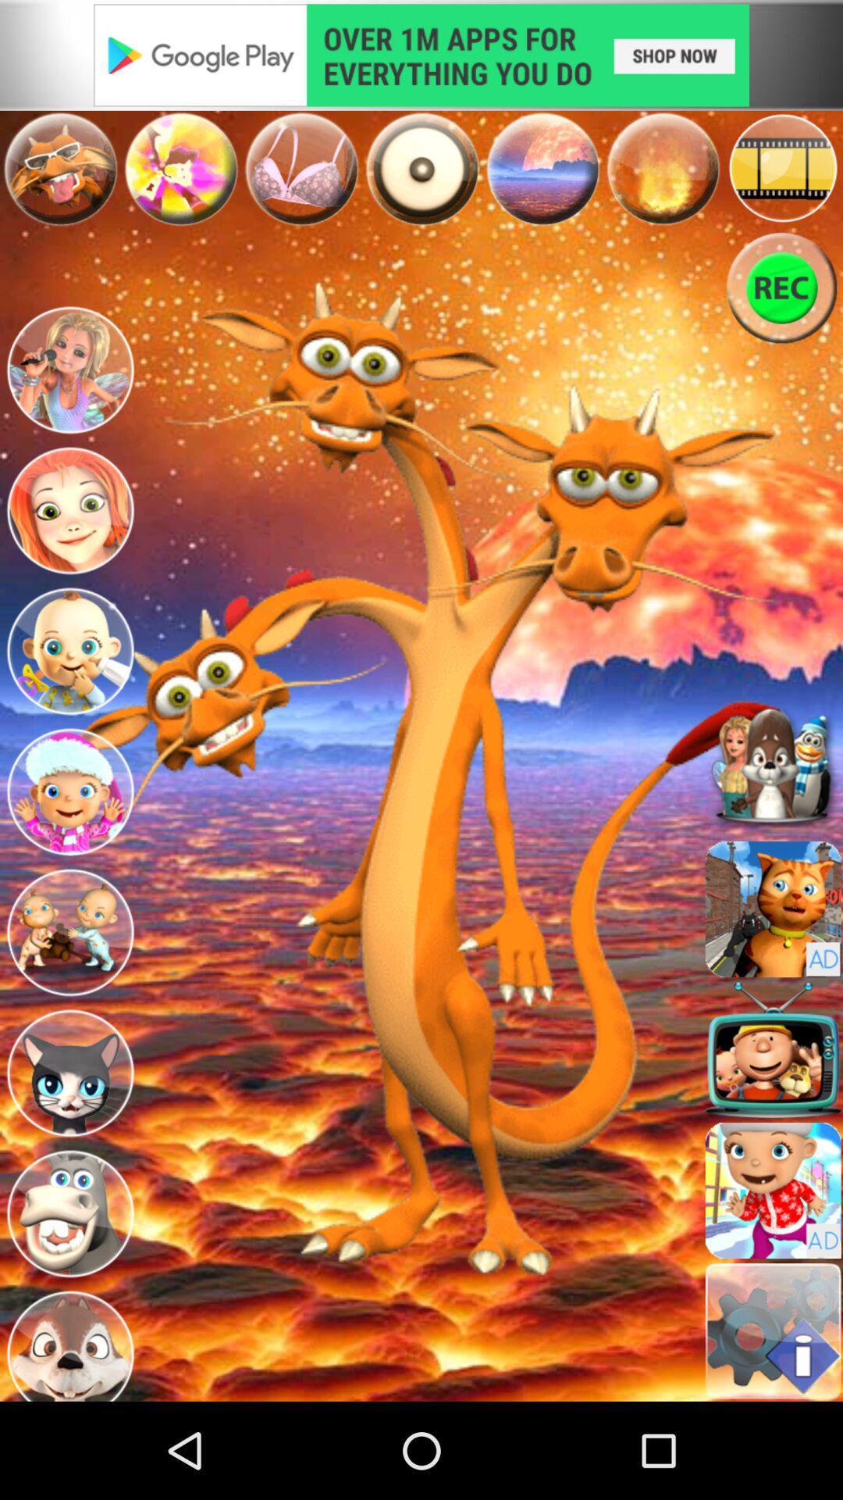 This screenshot has width=843, height=1500. What do you see at coordinates (69, 1072) in the screenshot?
I see `character` at bounding box center [69, 1072].